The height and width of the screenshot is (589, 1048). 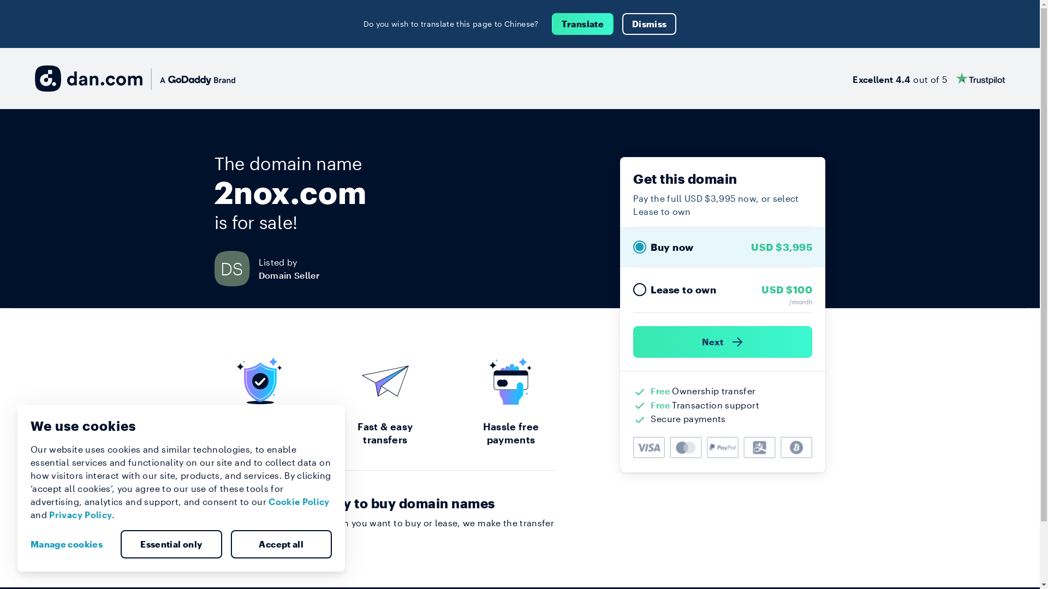 I want to click on 'Translate', so click(x=552, y=23).